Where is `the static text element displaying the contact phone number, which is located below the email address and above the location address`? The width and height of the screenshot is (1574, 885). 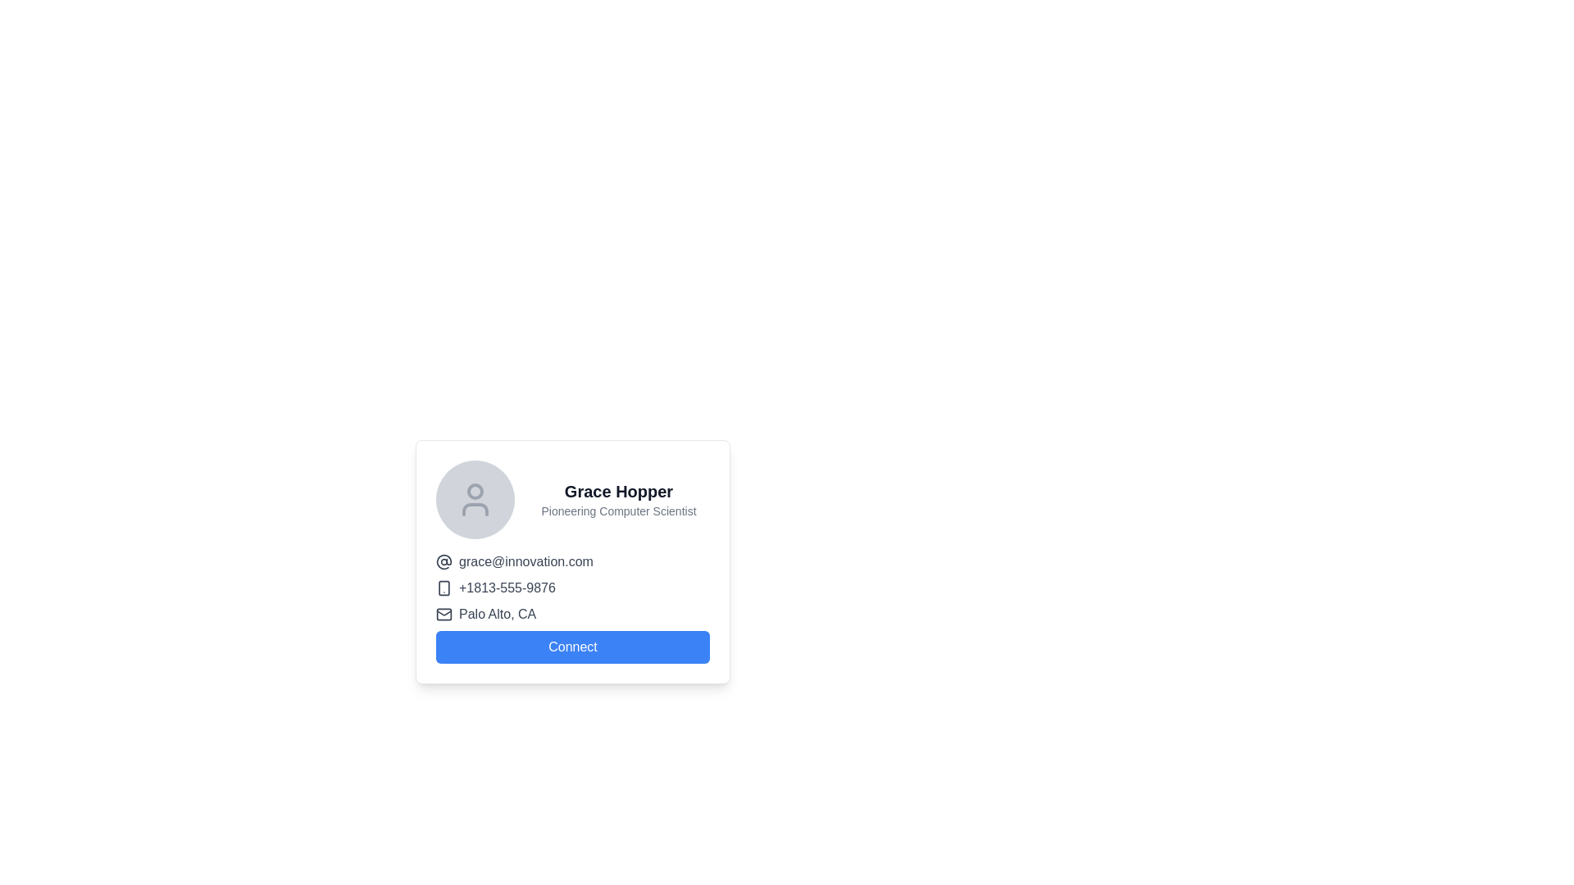 the static text element displaying the contact phone number, which is located below the email address and above the location address is located at coordinates (507, 587).